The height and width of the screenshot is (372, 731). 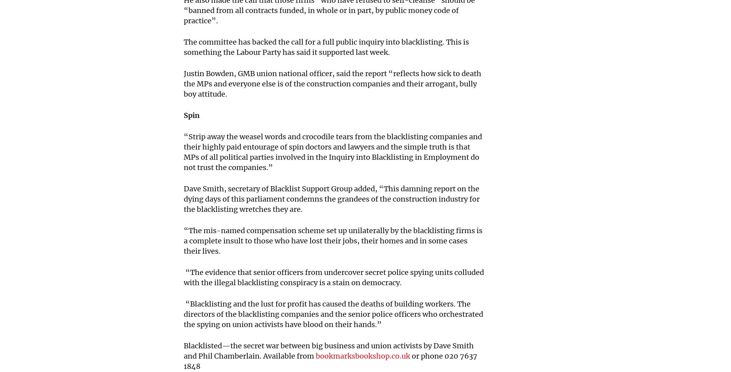 What do you see at coordinates (326, 47) in the screenshot?
I see `'The committee has backed the call for a full public inquiry into blacklisting. This is something the Labour Party has said it supported last week.'` at bounding box center [326, 47].